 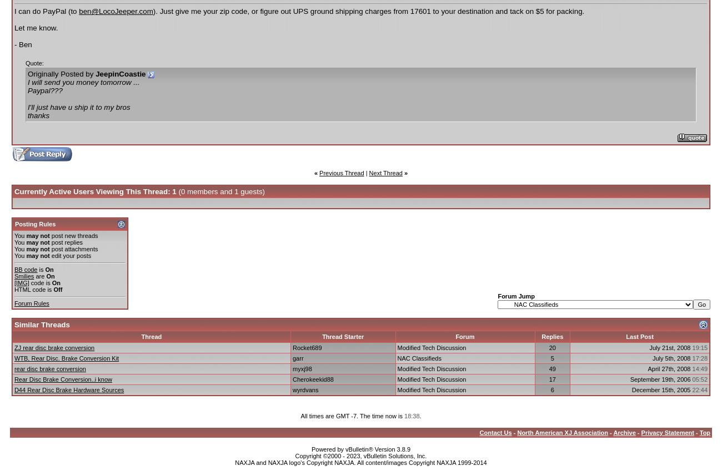 I want to click on 'myxj98', so click(x=292, y=368).